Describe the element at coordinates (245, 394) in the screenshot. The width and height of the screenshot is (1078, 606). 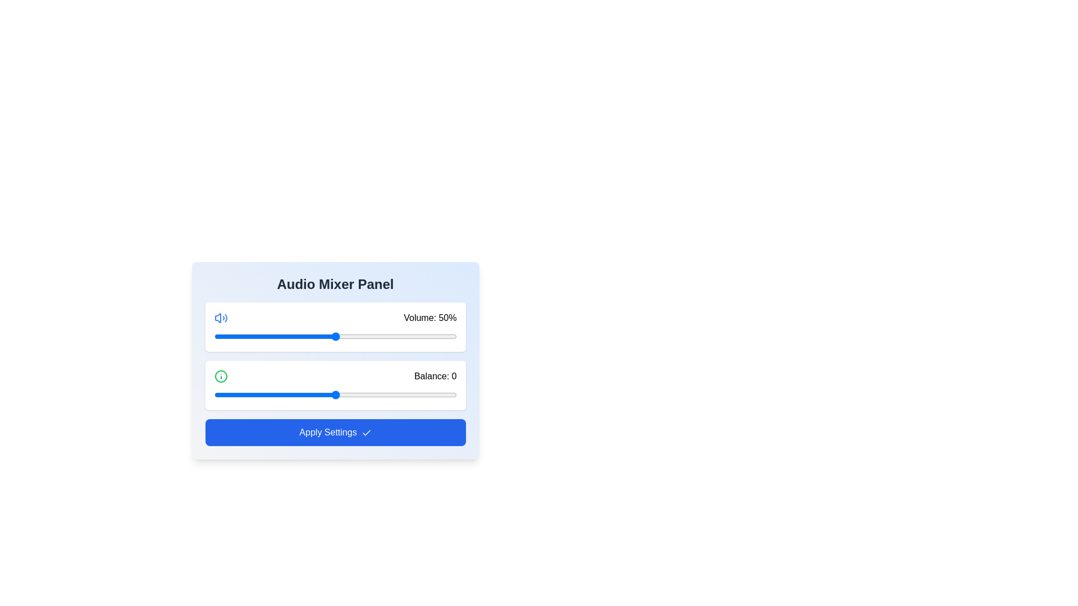
I see `the balance slider to set the balance to -37` at that location.